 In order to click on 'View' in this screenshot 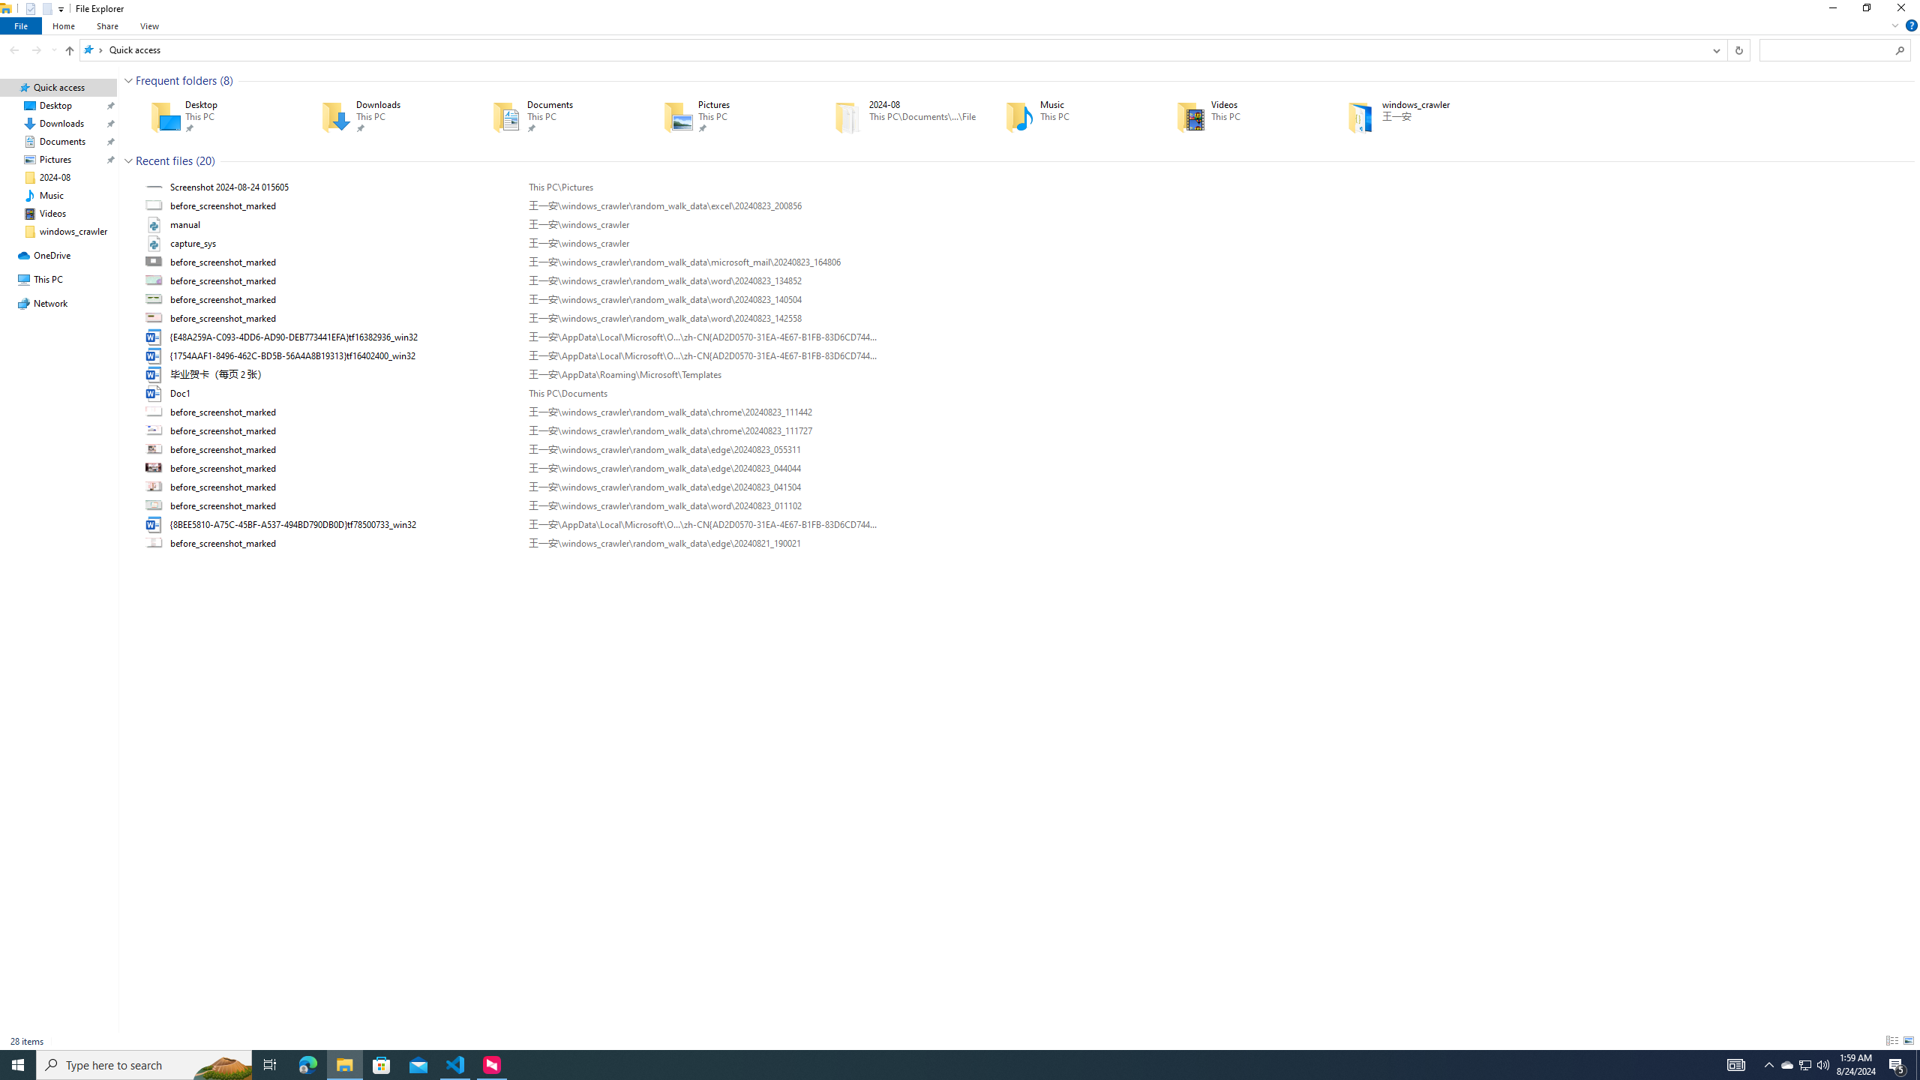, I will do `click(149, 25)`.